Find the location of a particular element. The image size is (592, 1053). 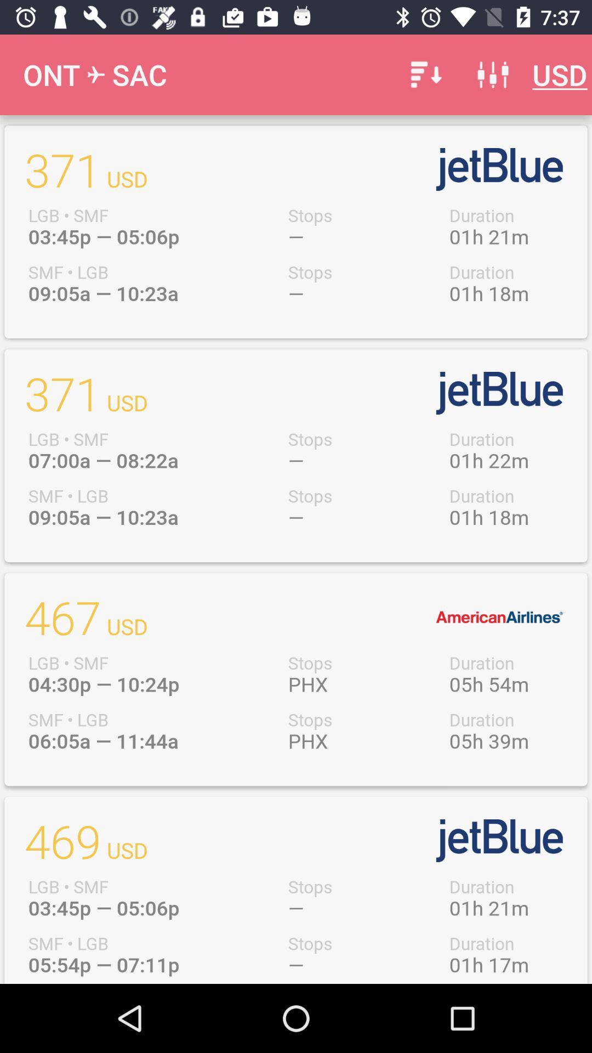

icon to the left of usd item is located at coordinates (492, 74).